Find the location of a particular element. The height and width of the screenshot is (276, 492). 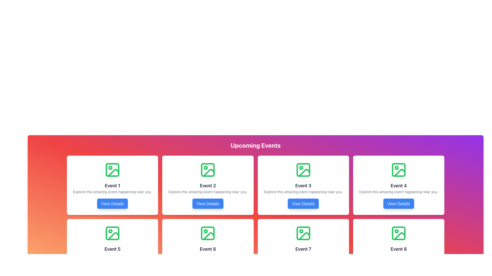

the image icon with a green outline resembling a placeholder image, located at the top-left corner of the first event card in the grid is located at coordinates (112, 170).